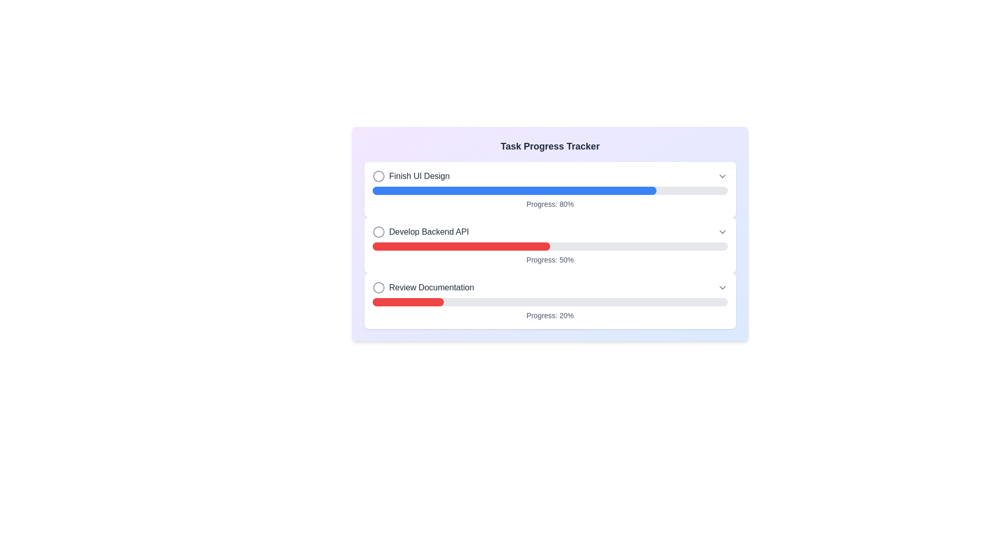  I want to click on text content of the Text Label that identifies the task named 'Develop Backend API' in the progress tracker interface, positioned between 'Finish UI Design' and 'Review Documentation', so click(421, 232).